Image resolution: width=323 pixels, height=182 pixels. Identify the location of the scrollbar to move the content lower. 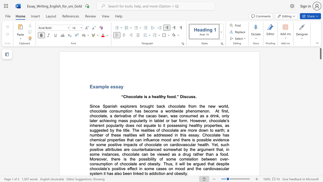
(320, 162).